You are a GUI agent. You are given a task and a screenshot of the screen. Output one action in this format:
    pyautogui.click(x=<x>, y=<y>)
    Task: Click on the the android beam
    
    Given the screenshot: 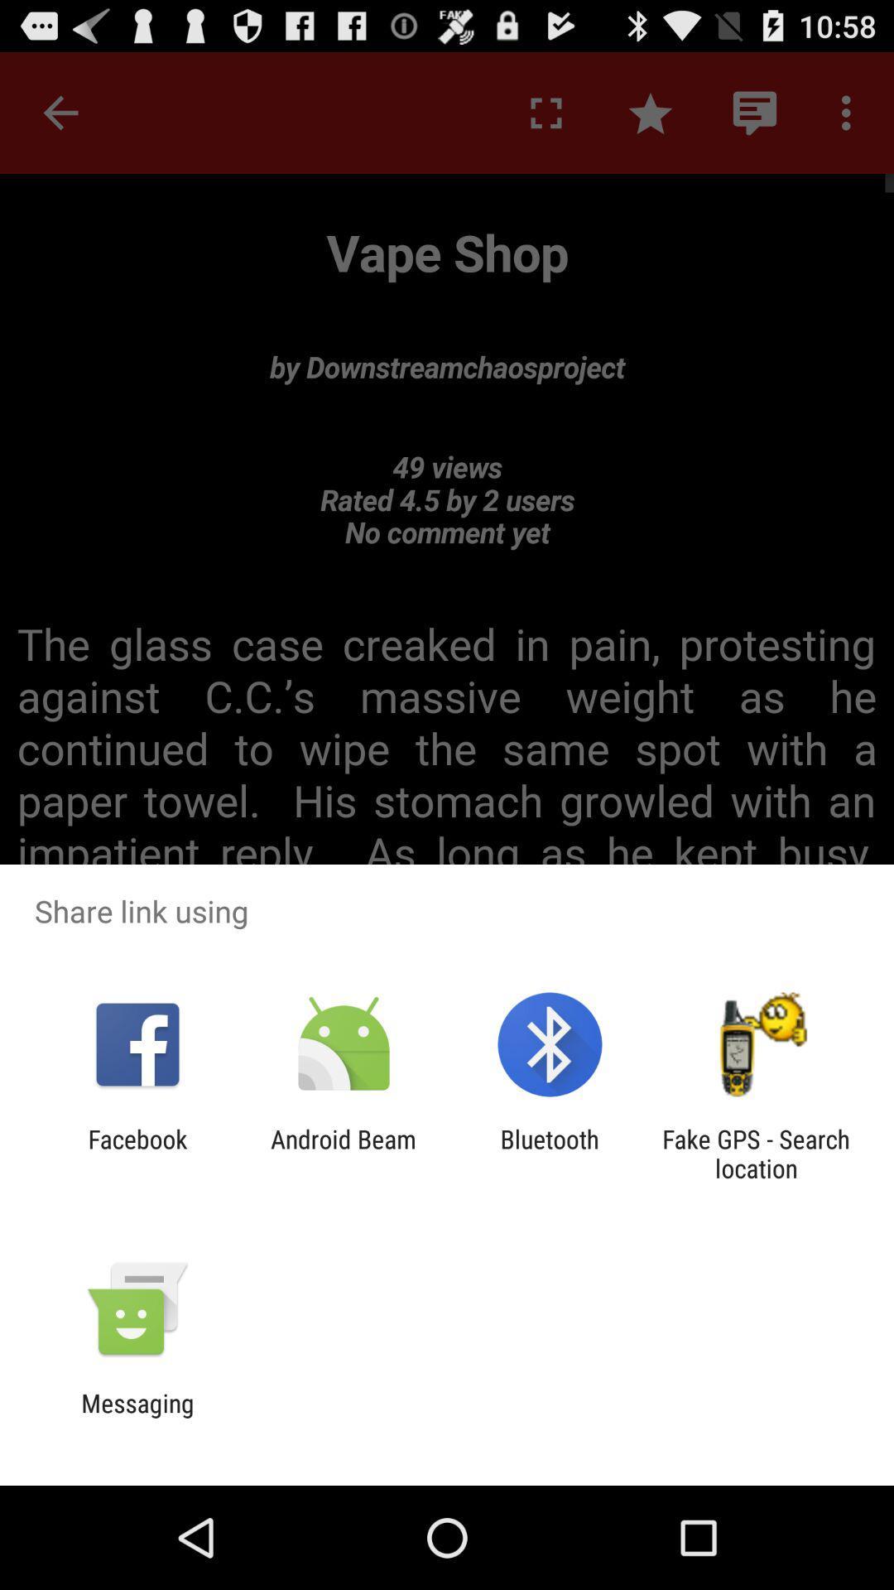 What is the action you would take?
    pyautogui.click(x=343, y=1153)
    